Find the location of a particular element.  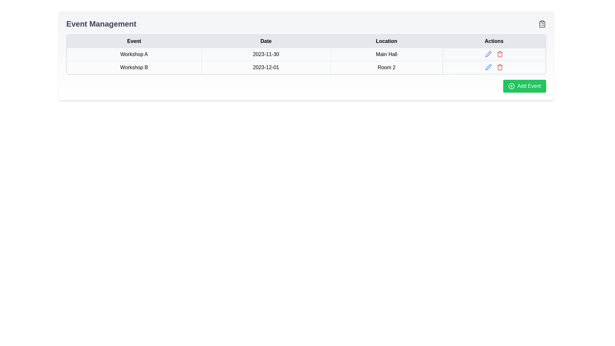

the Table Header Cell that serves as the label for the date column, located in the second column header of the table, positioned between 'Event' and 'Location' is located at coordinates (266, 41).